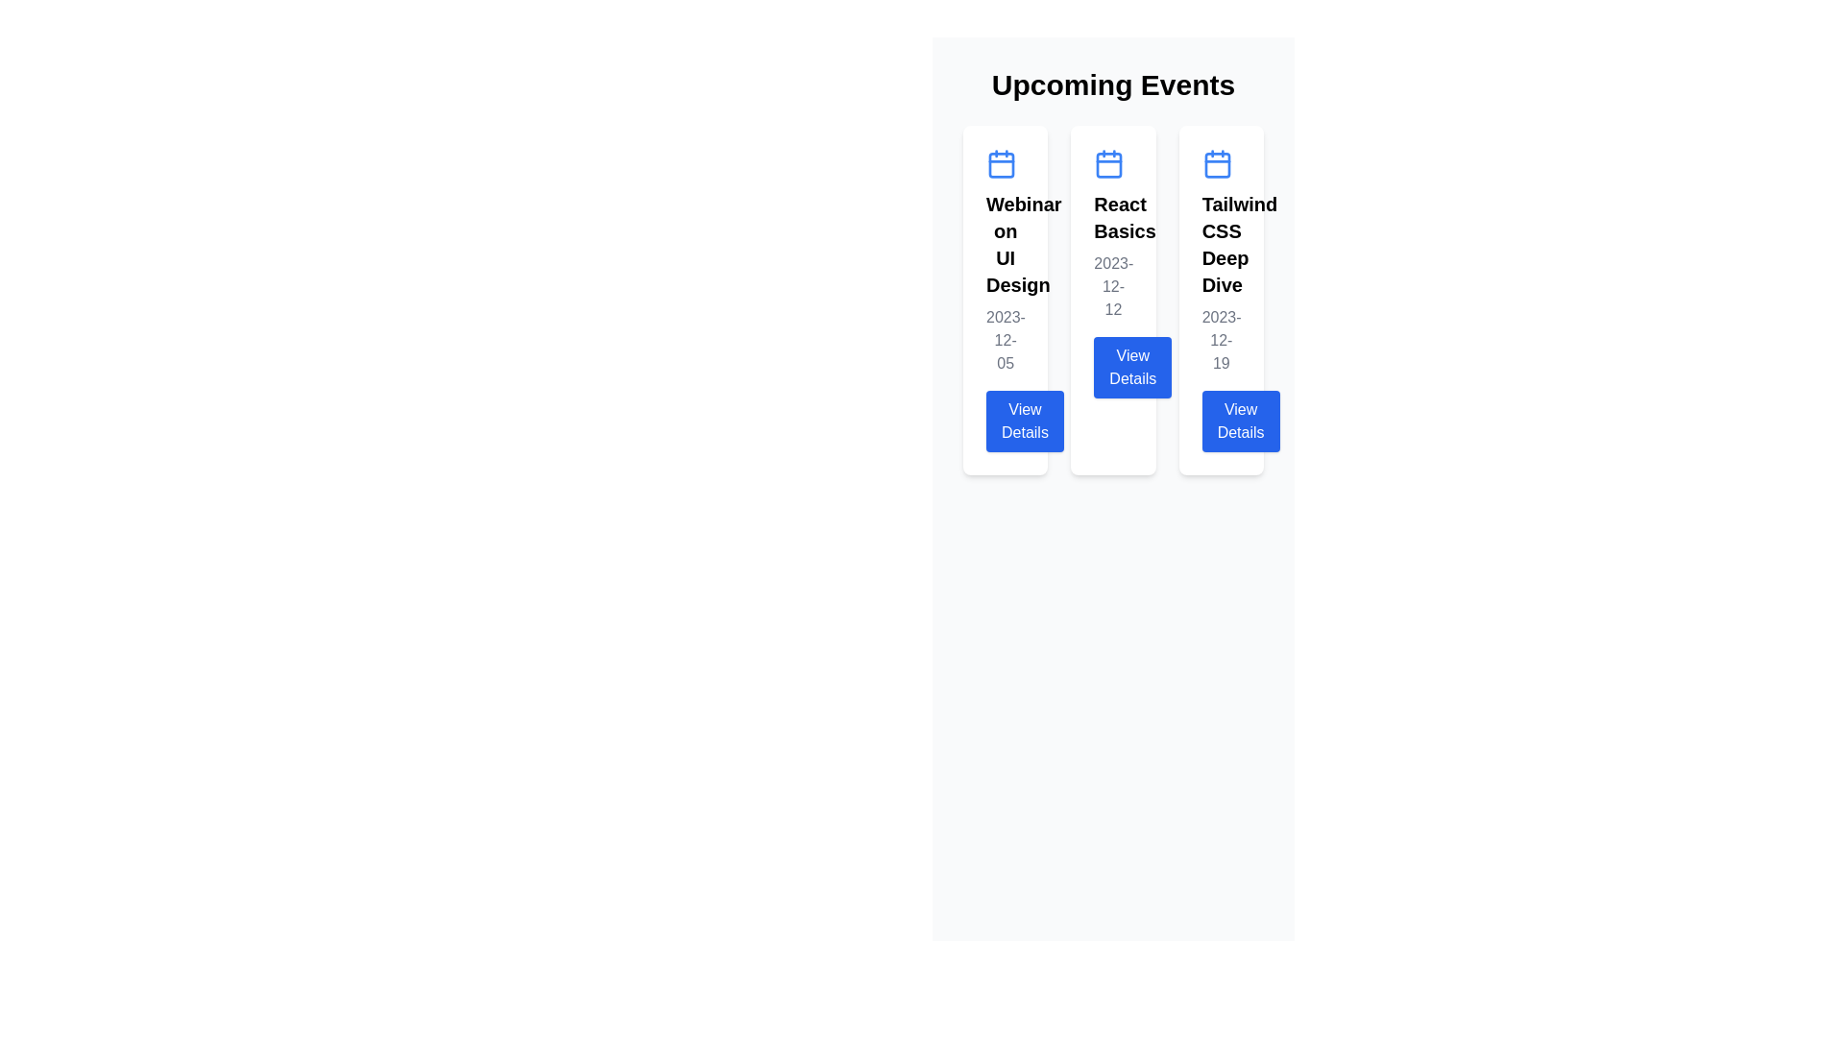 The image size is (1844, 1037). I want to click on the button located at the bottom of the 'Webinar on UI Design' card, so click(1024, 421).